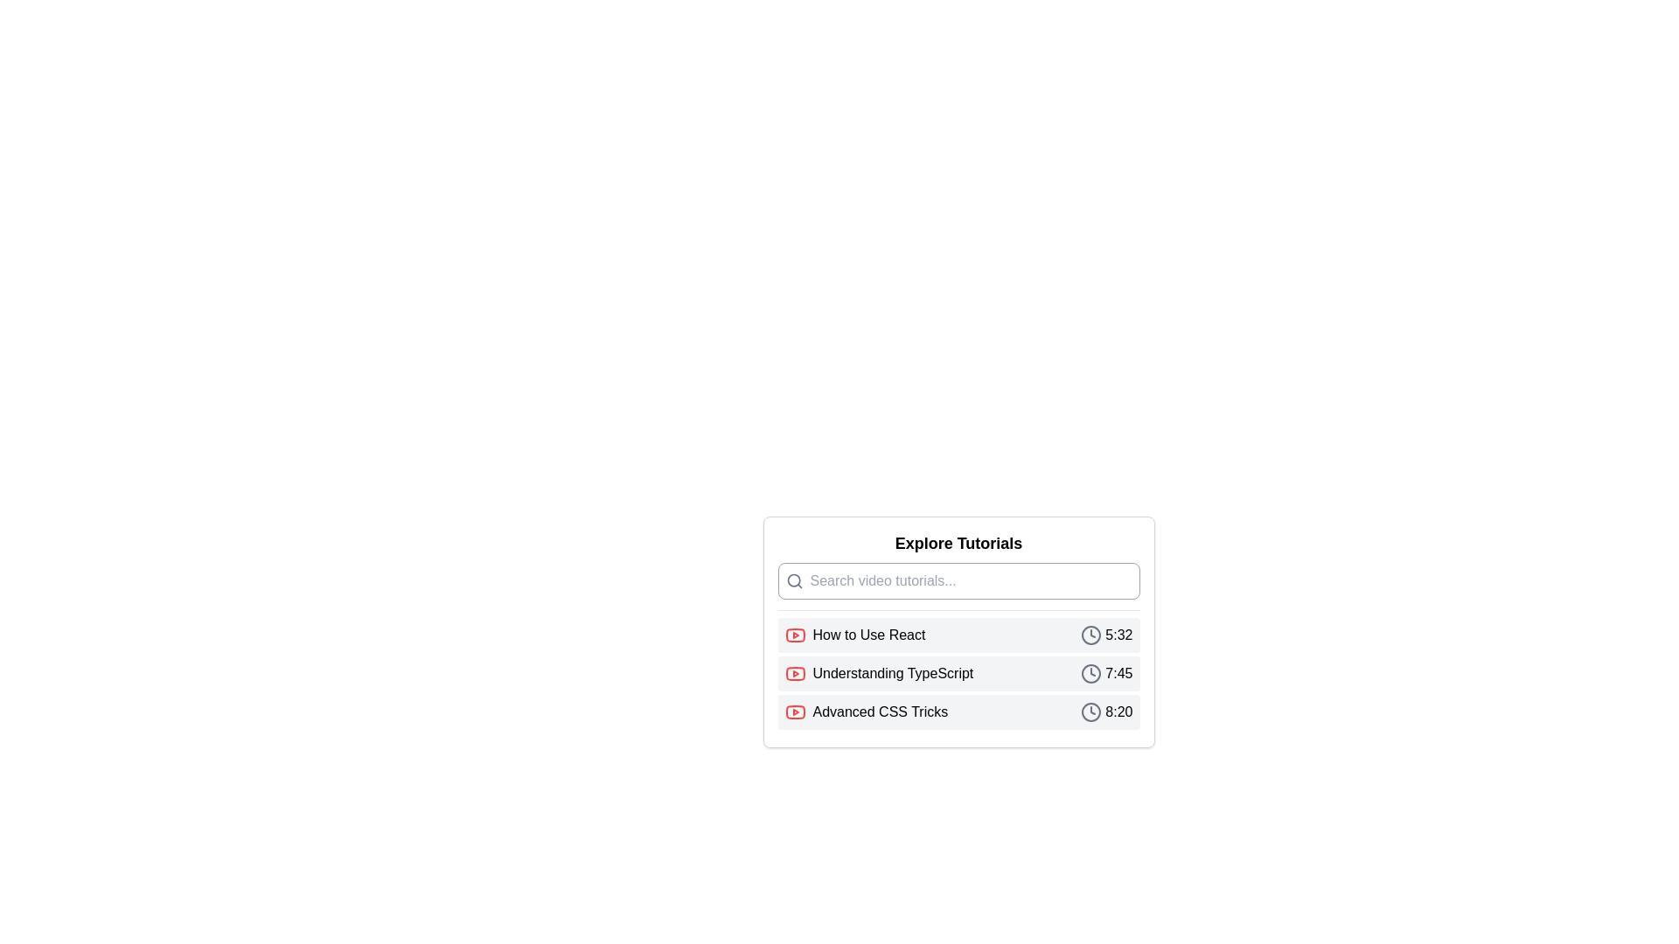 The image size is (1679, 944). I want to click on the Search Icon located on the left side of the search input field, so click(793, 580).